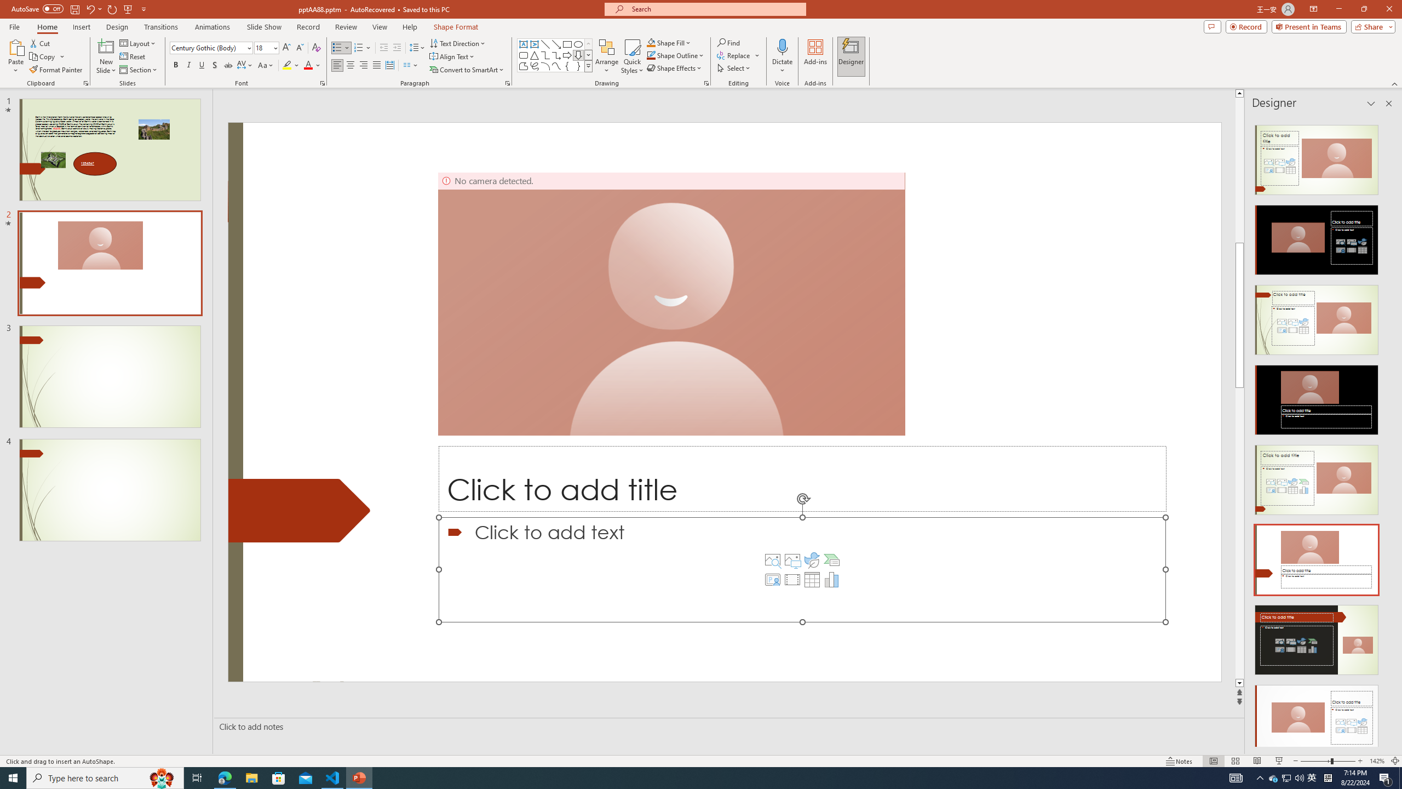 This screenshot has width=1402, height=789. Describe the element at coordinates (299, 510) in the screenshot. I see `'Decorative Locked'` at that location.